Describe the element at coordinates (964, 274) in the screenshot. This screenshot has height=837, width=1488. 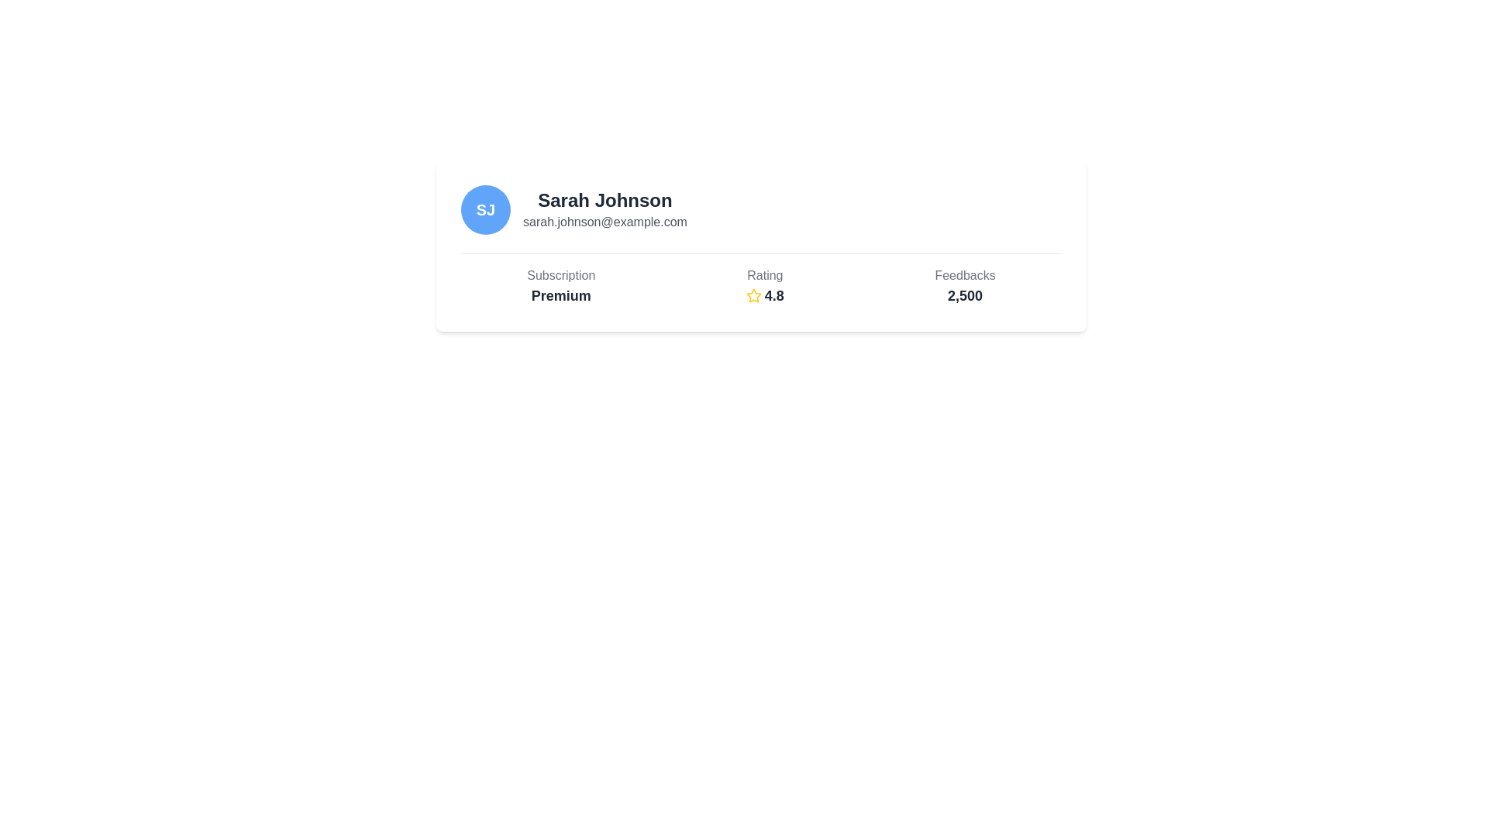
I see `the text element labeled 'Feedbacks' which is styled in gray and positioned above the bold number '2,500' in the bottom-right portion of the card` at that location.